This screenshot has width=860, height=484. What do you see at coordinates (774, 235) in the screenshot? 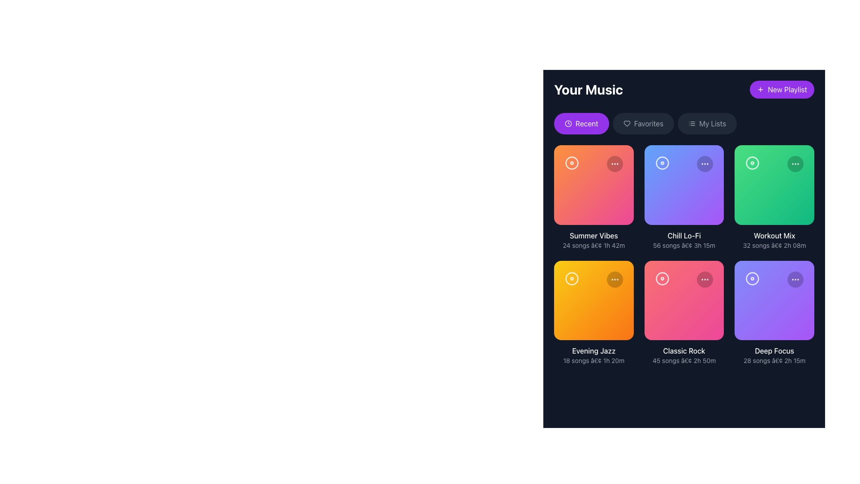
I see `text content of the title label for the playlist located in the third column of the first row beneath the green playlist card in the 'Your Music' section` at bounding box center [774, 235].